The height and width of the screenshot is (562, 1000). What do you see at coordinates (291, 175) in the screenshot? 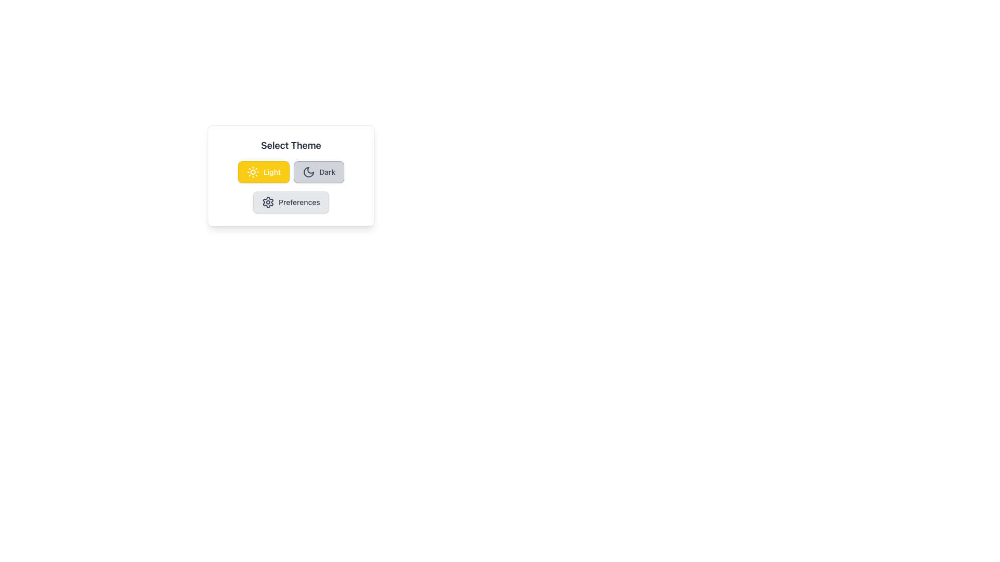
I see `the first button in the horizontal group below the 'Select Theme' title` at bounding box center [291, 175].